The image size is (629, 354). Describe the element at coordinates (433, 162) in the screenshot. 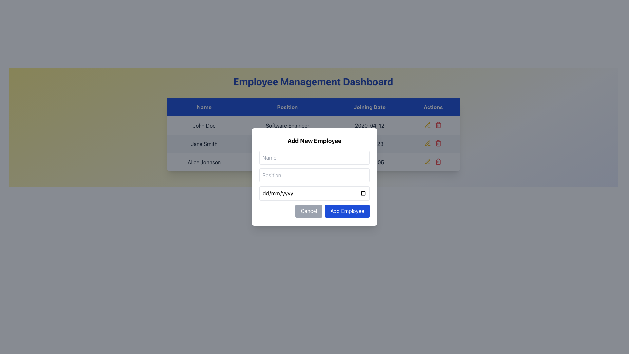

I see `the trash bin icon in the action group for Alice Johnson, the UI Designer` at that location.